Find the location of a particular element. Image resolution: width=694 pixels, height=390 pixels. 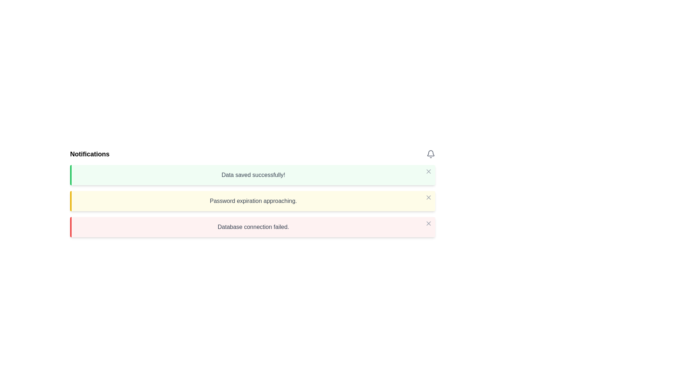

the bell icon to toggle the visibility of the notification panel is located at coordinates (430, 154).